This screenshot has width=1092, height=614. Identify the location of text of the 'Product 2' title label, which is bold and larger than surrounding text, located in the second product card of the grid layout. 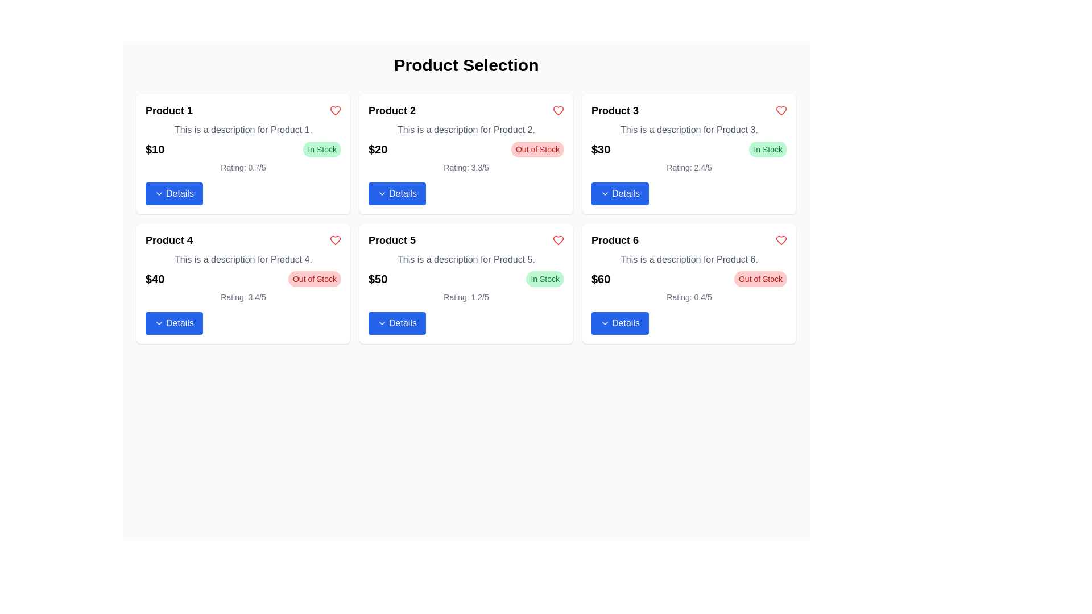
(392, 111).